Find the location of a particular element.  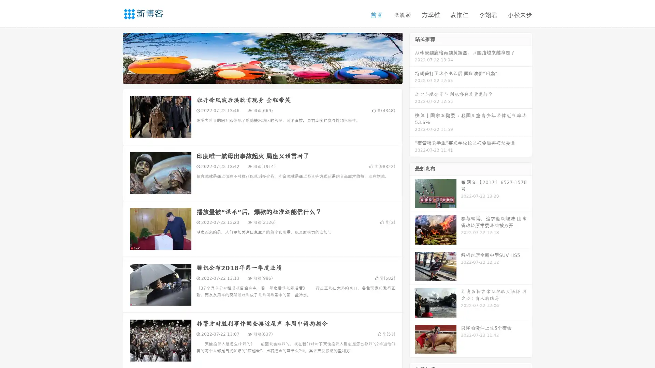

Next slide is located at coordinates (412, 57).